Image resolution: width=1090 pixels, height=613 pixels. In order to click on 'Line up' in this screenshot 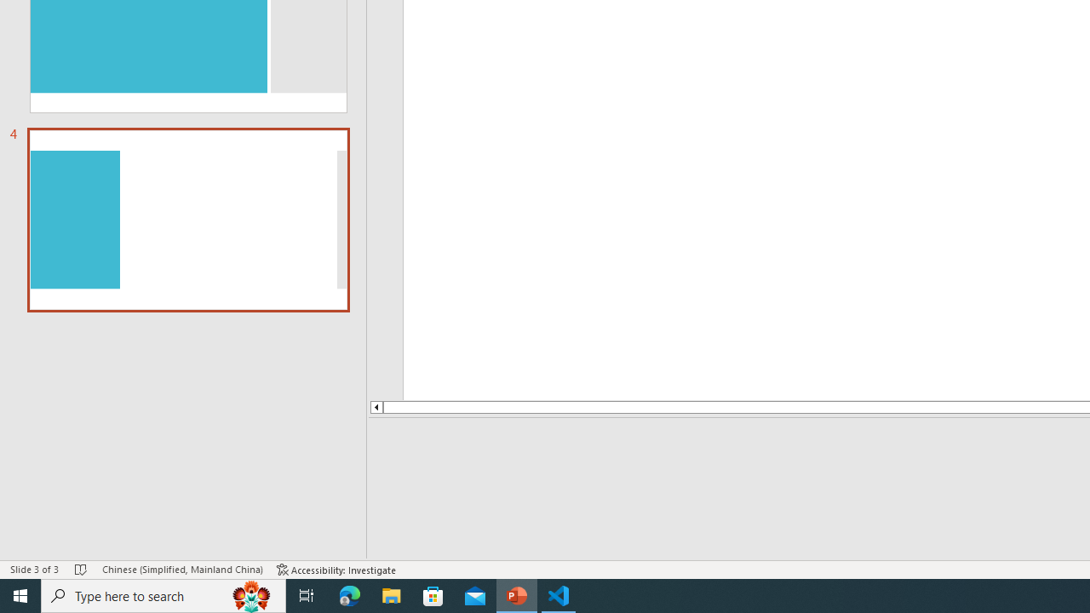, I will do `click(339, 407)`.